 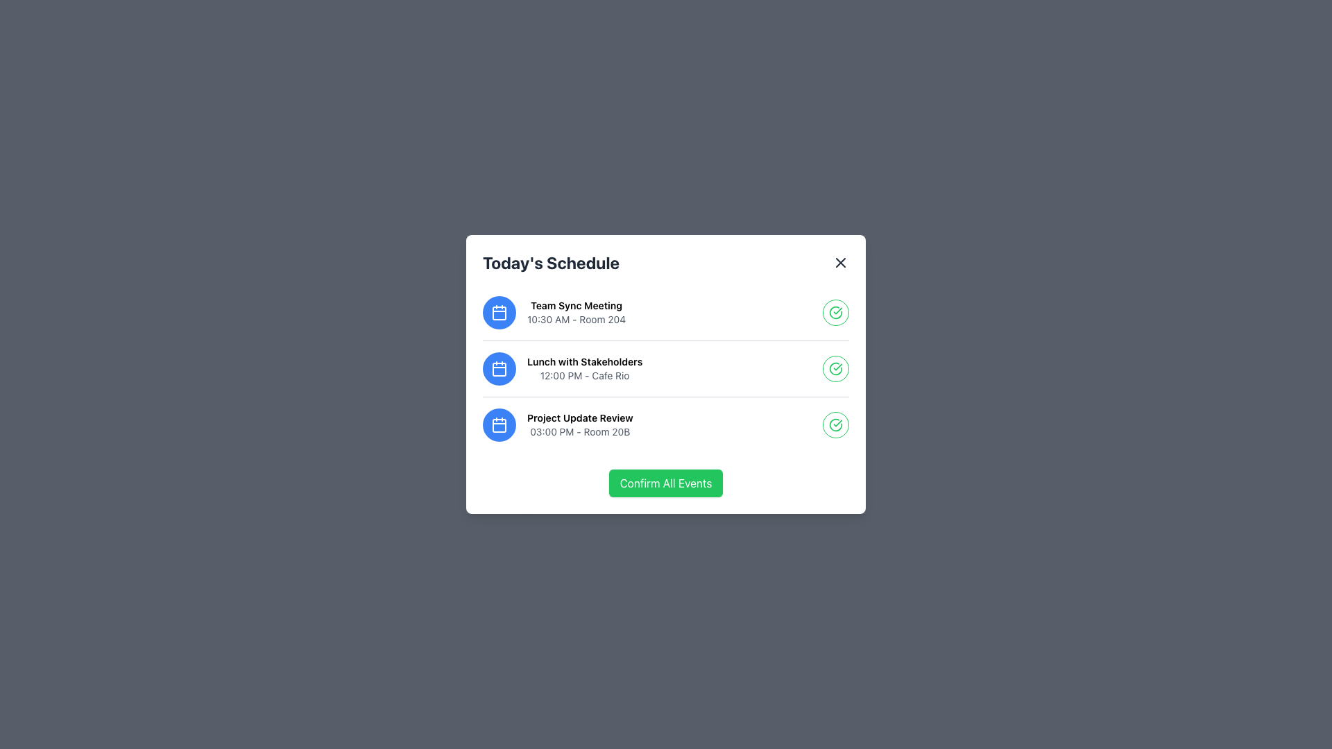 What do you see at coordinates (499, 424) in the screenshot?
I see `the blue circular icon representing a scheduled calendar event in the third row of the event list` at bounding box center [499, 424].